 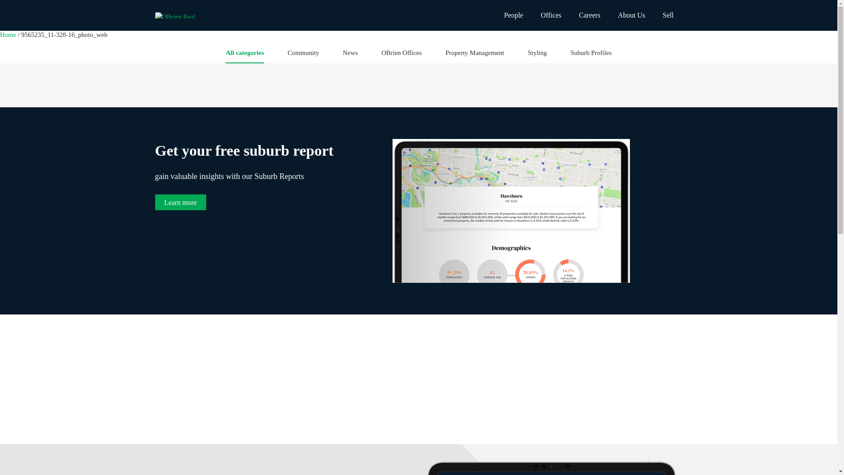 I want to click on 'Careers', so click(x=570, y=15).